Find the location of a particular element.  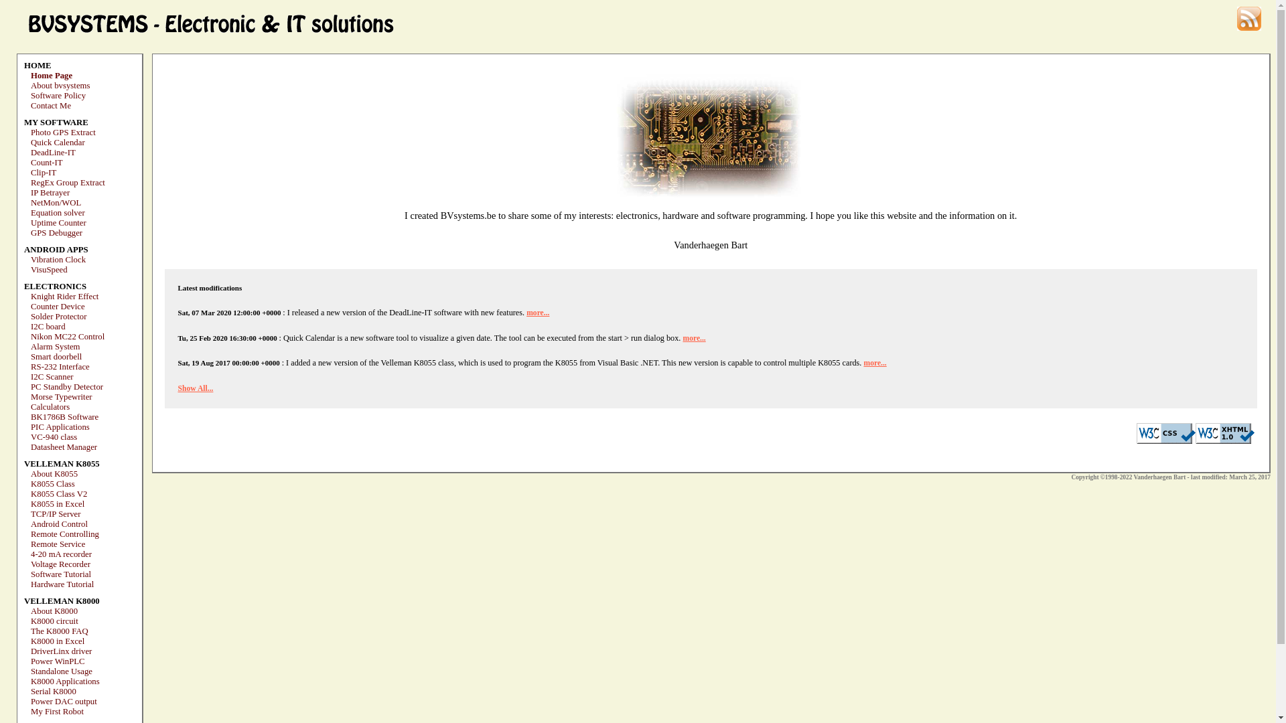

'Photo GPS Extract' is located at coordinates (62, 132).